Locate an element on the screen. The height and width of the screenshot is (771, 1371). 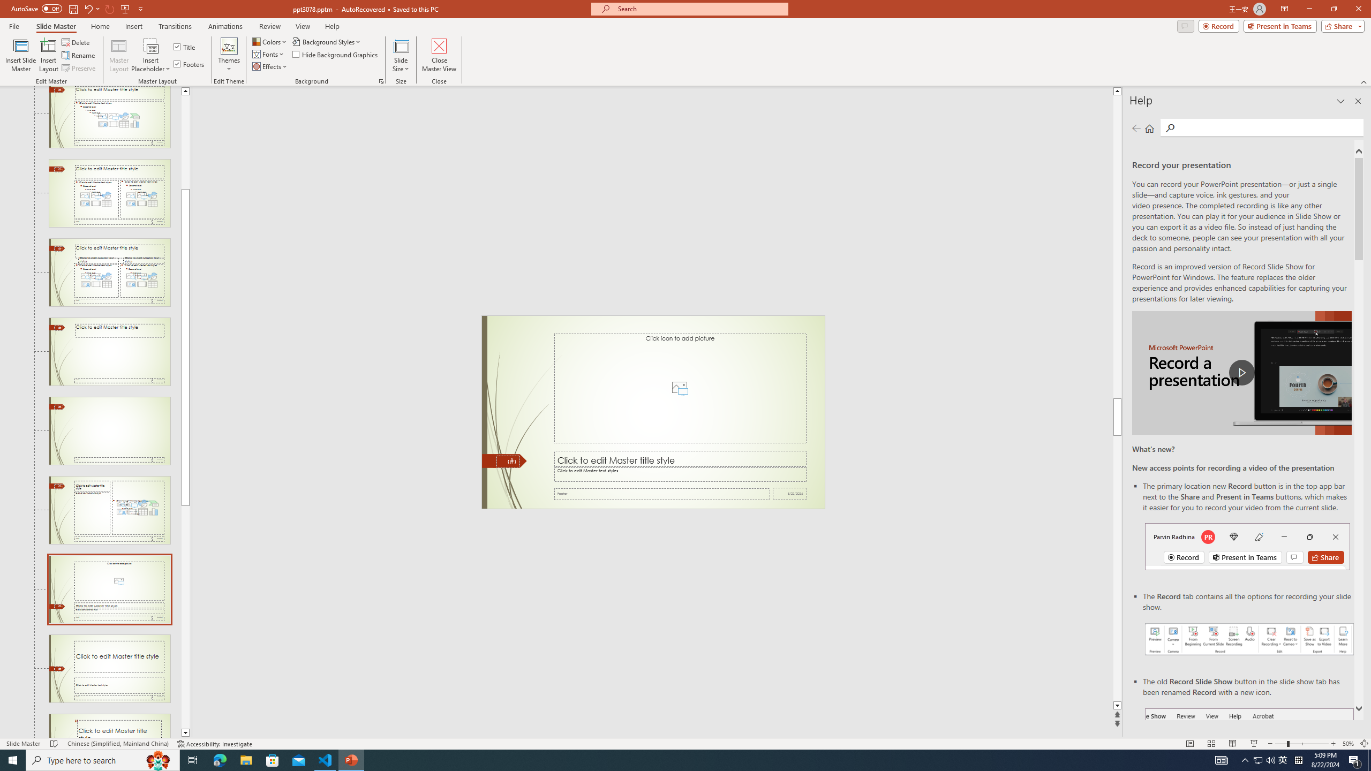
'Slide Number' is located at coordinates (507, 461).